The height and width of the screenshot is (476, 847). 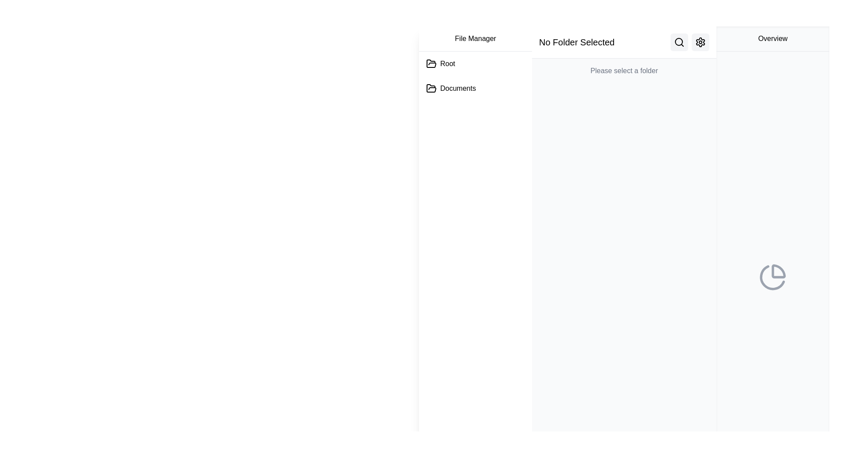 I want to click on the 'Root' folder icon in the left sidebar, so click(x=440, y=63).